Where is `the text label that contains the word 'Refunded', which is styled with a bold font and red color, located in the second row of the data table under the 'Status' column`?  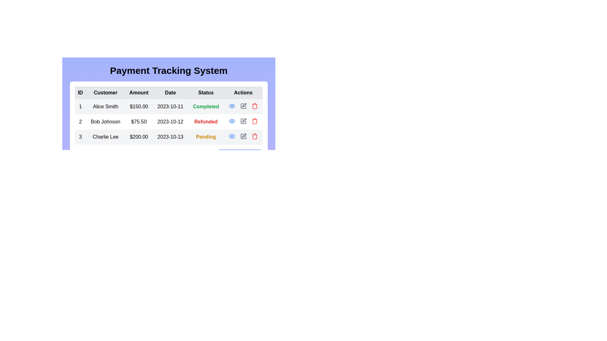
the text label that contains the word 'Refunded', which is styled with a bold font and red color, located in the second row of the data table under the 'Status' column is located at coordinates (206, 122).